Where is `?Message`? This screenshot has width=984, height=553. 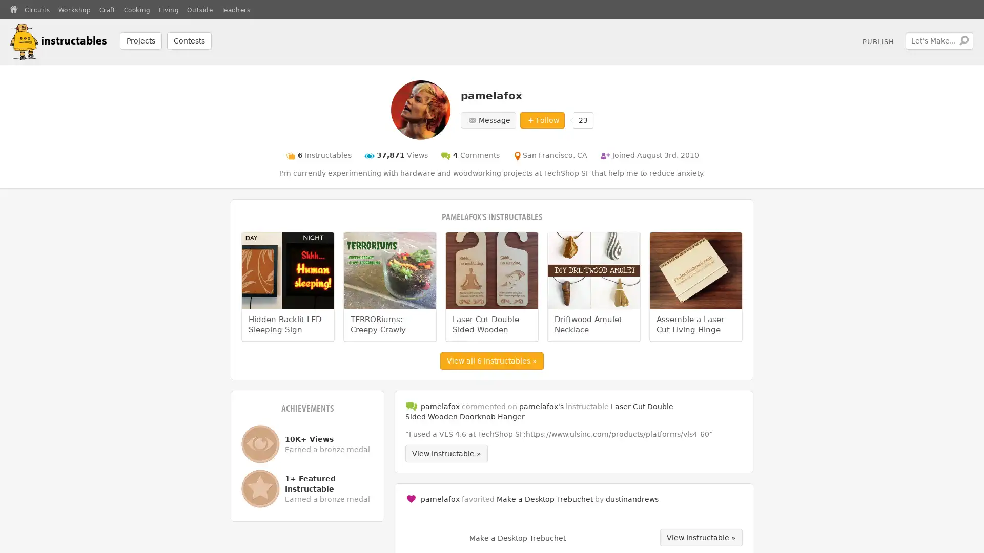 ?Message is located at coordinates (487, 119).